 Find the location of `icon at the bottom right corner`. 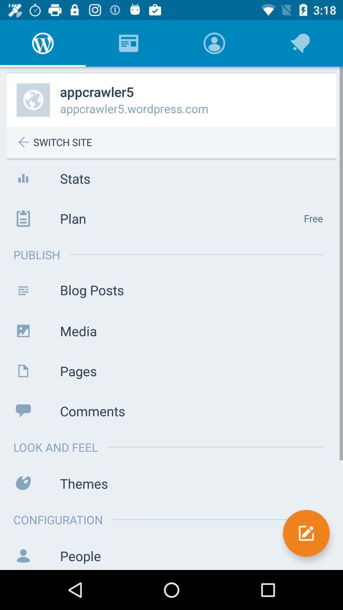

icon at the bottom right corner is located at coordinates (306, 533).